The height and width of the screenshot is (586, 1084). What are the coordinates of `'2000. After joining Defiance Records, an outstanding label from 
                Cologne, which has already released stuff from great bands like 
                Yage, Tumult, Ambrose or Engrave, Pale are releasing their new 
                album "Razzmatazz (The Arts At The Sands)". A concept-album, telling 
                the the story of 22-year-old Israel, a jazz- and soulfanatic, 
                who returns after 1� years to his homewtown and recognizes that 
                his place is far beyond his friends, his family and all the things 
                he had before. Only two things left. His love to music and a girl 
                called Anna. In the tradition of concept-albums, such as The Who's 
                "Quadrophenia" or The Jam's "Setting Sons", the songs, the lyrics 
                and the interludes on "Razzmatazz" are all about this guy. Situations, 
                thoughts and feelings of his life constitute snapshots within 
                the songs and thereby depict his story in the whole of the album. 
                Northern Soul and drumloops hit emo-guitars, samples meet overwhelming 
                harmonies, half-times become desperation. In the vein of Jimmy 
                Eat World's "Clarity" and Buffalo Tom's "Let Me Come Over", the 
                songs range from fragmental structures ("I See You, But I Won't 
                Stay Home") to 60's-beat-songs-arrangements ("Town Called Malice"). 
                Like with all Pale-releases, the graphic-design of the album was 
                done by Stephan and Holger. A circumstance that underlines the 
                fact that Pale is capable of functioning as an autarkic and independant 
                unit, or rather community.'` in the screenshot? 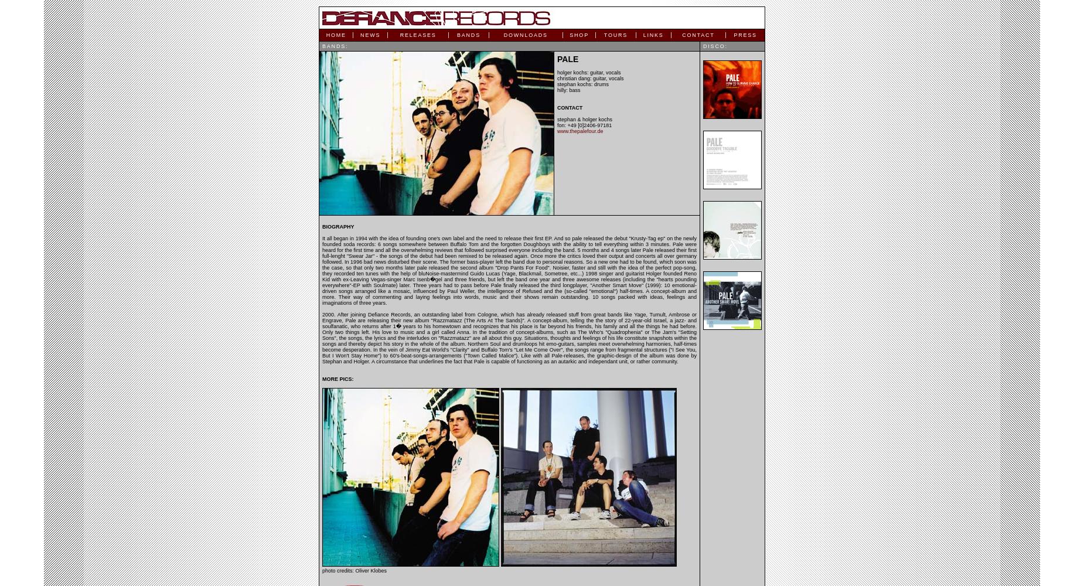 It's located at (509, 338).